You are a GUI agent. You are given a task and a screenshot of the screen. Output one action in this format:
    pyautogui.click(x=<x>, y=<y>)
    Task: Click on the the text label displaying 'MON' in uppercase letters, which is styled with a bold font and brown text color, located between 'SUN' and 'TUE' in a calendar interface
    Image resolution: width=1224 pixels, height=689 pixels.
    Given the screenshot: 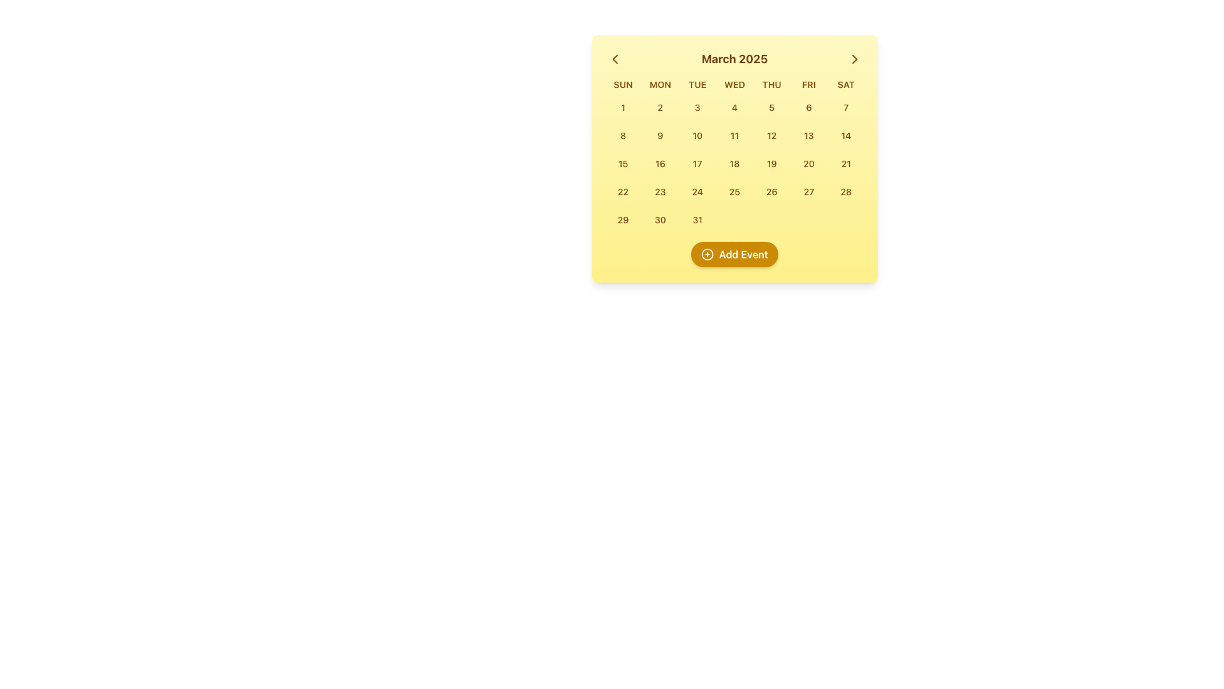 What is the action you would take?
    pyautogui.click(x=660, y=84)
    